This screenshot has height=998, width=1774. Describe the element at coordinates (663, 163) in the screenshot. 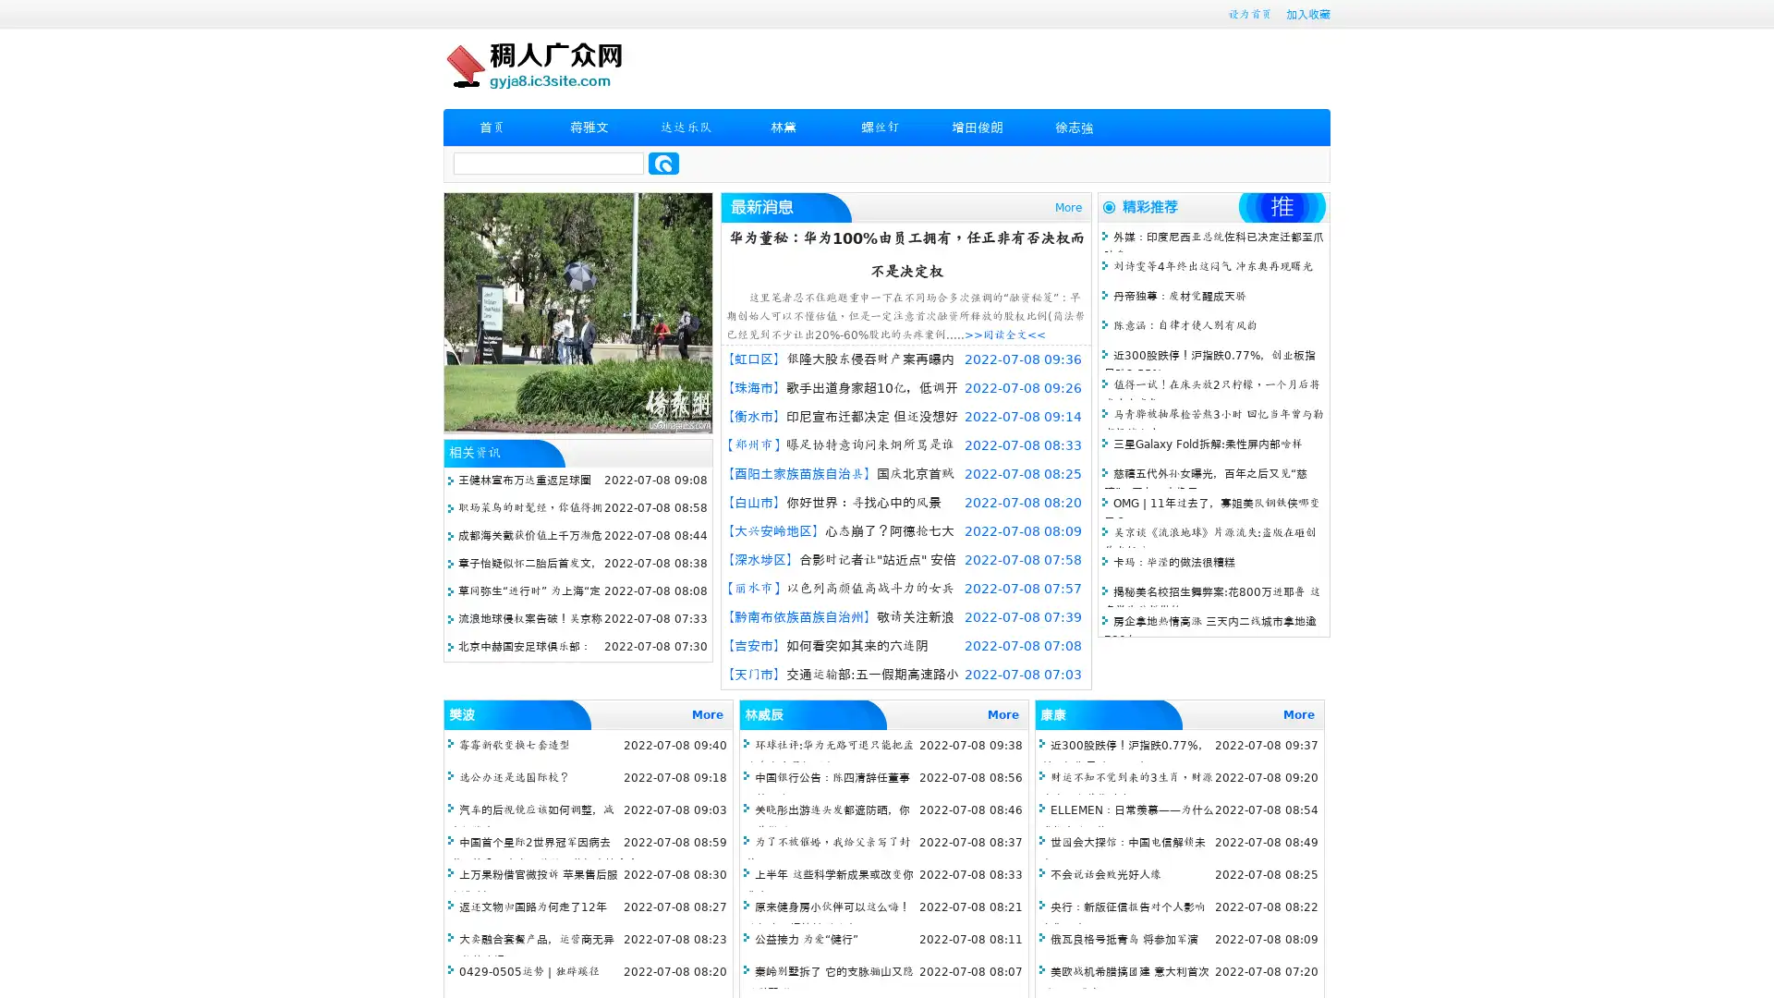

I see `Search` at that location.